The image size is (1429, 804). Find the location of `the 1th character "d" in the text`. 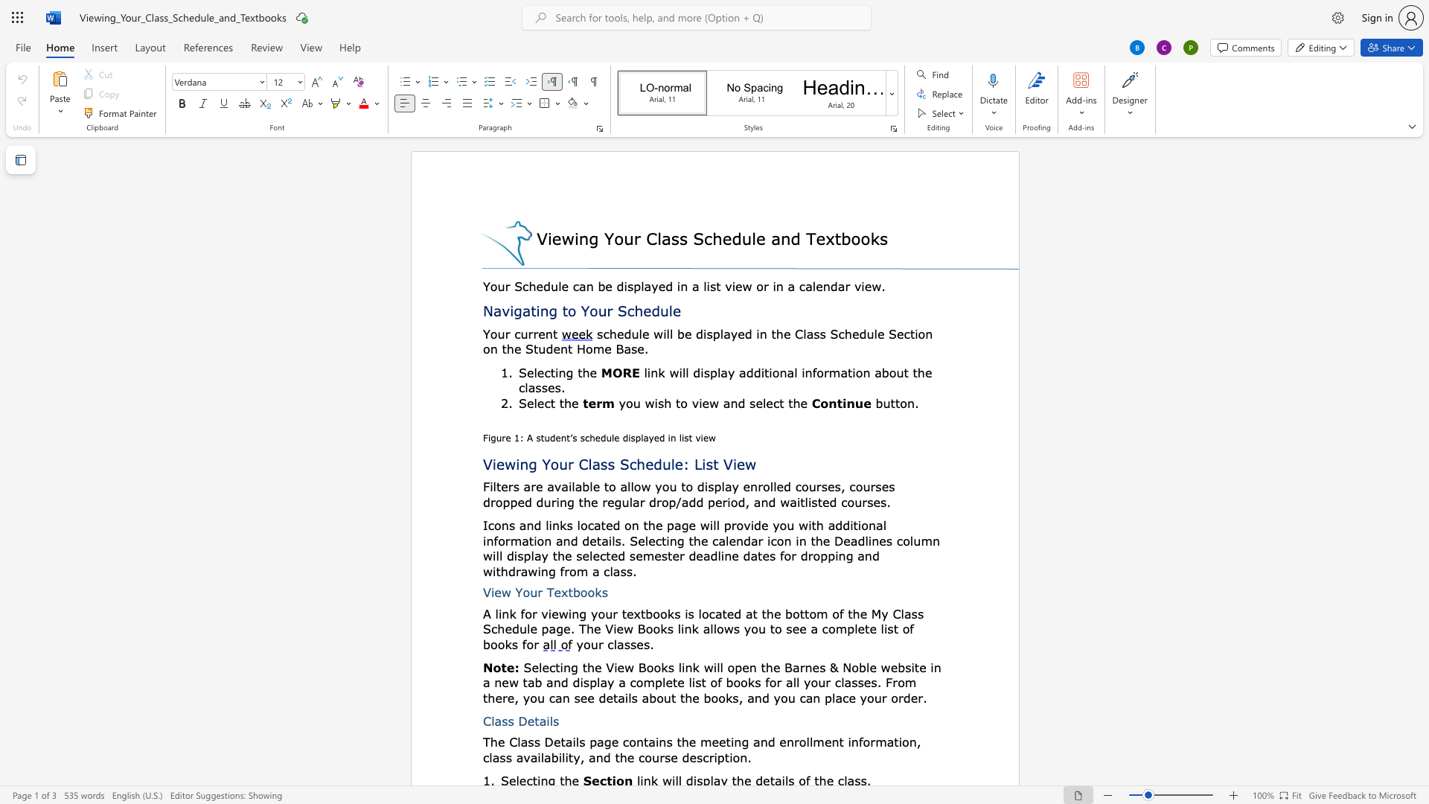

the 1th character "d" in the text is located at coordinates (749, 371).